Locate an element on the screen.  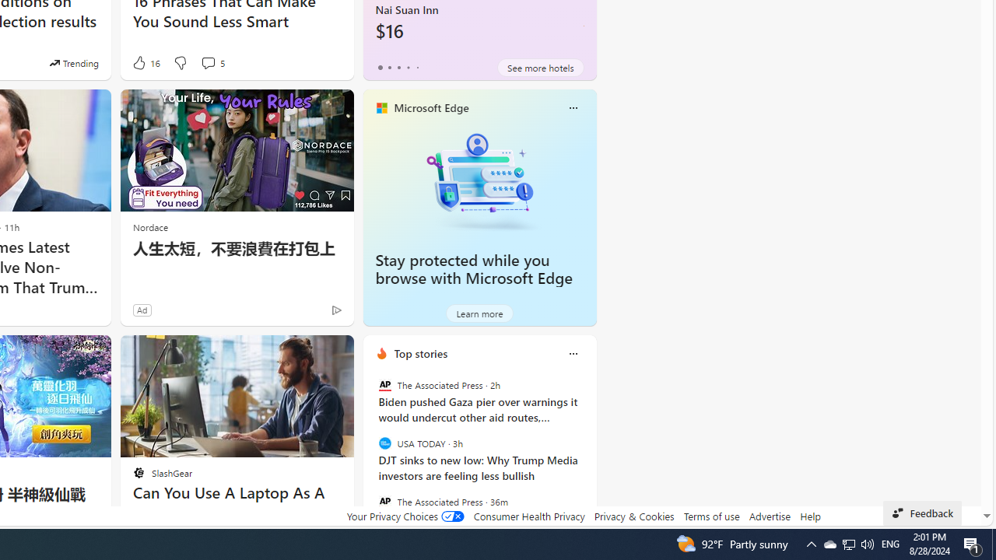
'Terms of use' is located at coordinates (710, 516).